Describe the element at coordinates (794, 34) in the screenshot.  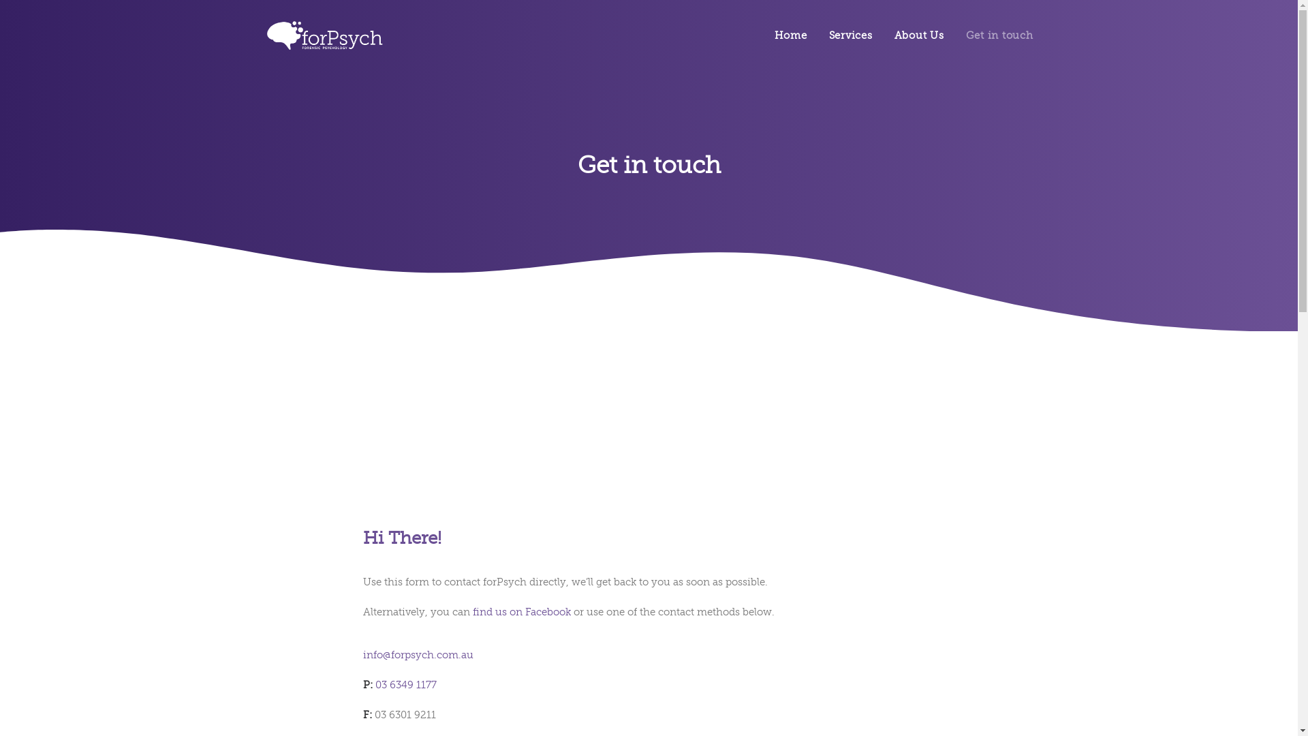
I see `'Home'` at that location.